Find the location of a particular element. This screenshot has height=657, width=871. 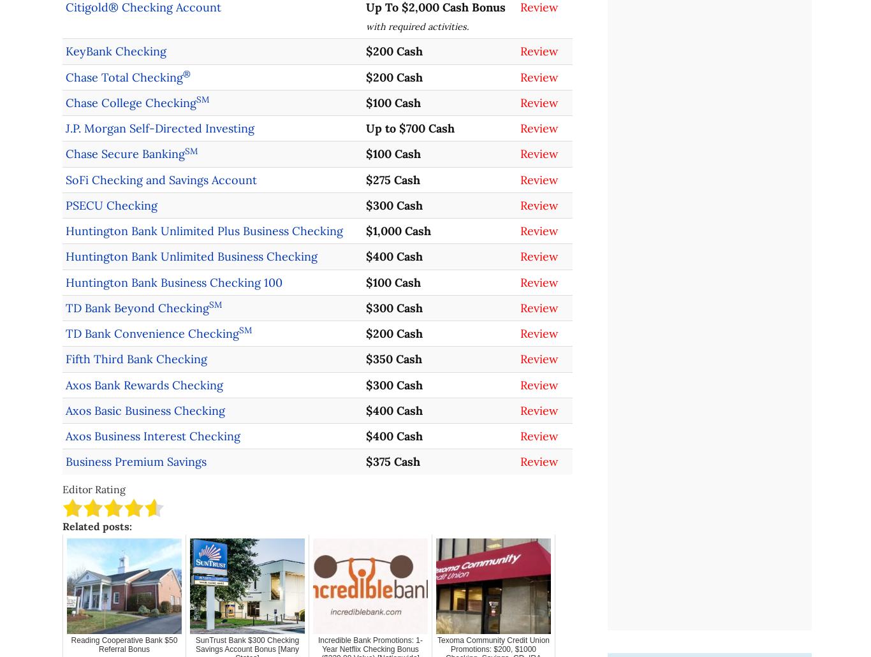

'Fifth Third Bank Checking' is located at coordinates (136, 358).